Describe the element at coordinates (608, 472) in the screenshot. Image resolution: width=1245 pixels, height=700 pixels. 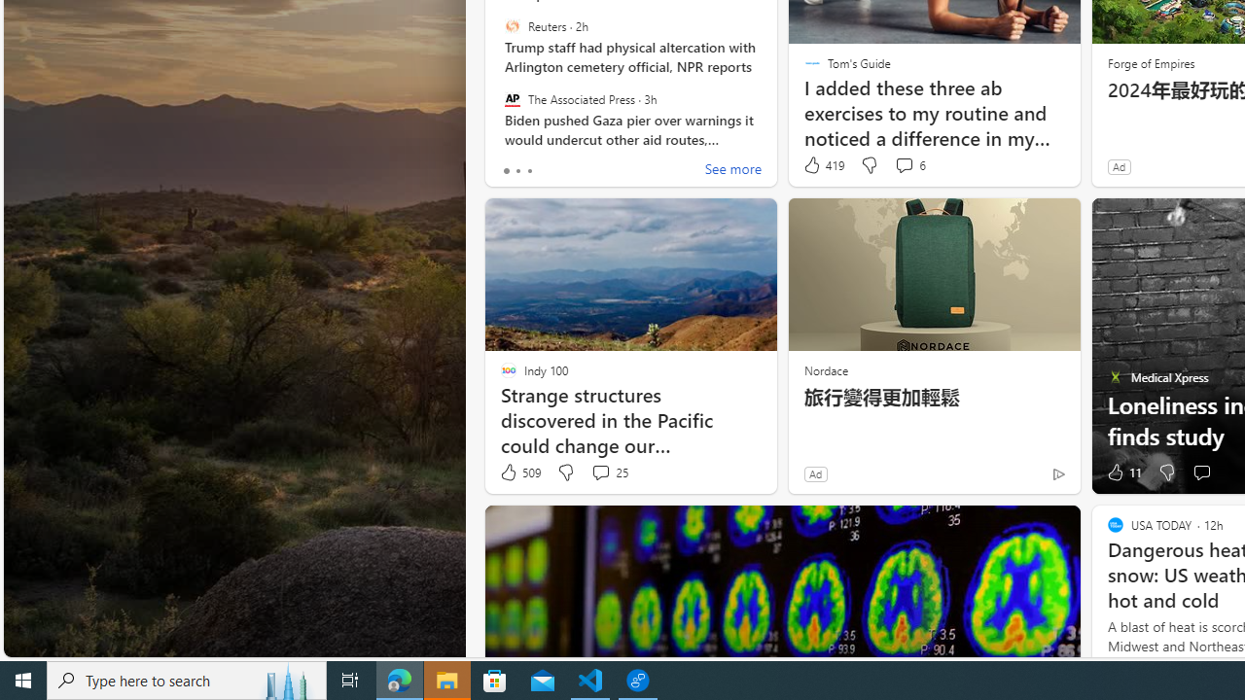
I see `'View comments 25 Comment'` at that location.